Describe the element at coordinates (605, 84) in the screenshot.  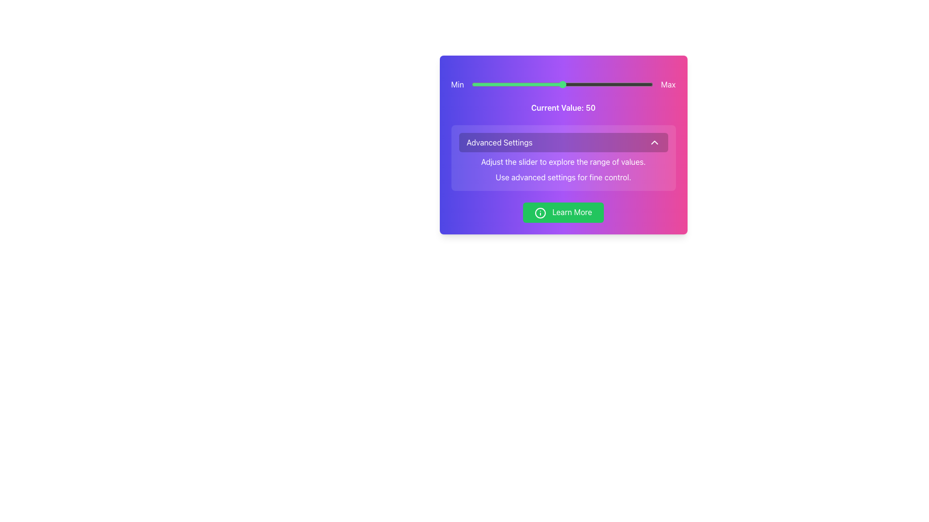
I see `the value of the slider` at that location.